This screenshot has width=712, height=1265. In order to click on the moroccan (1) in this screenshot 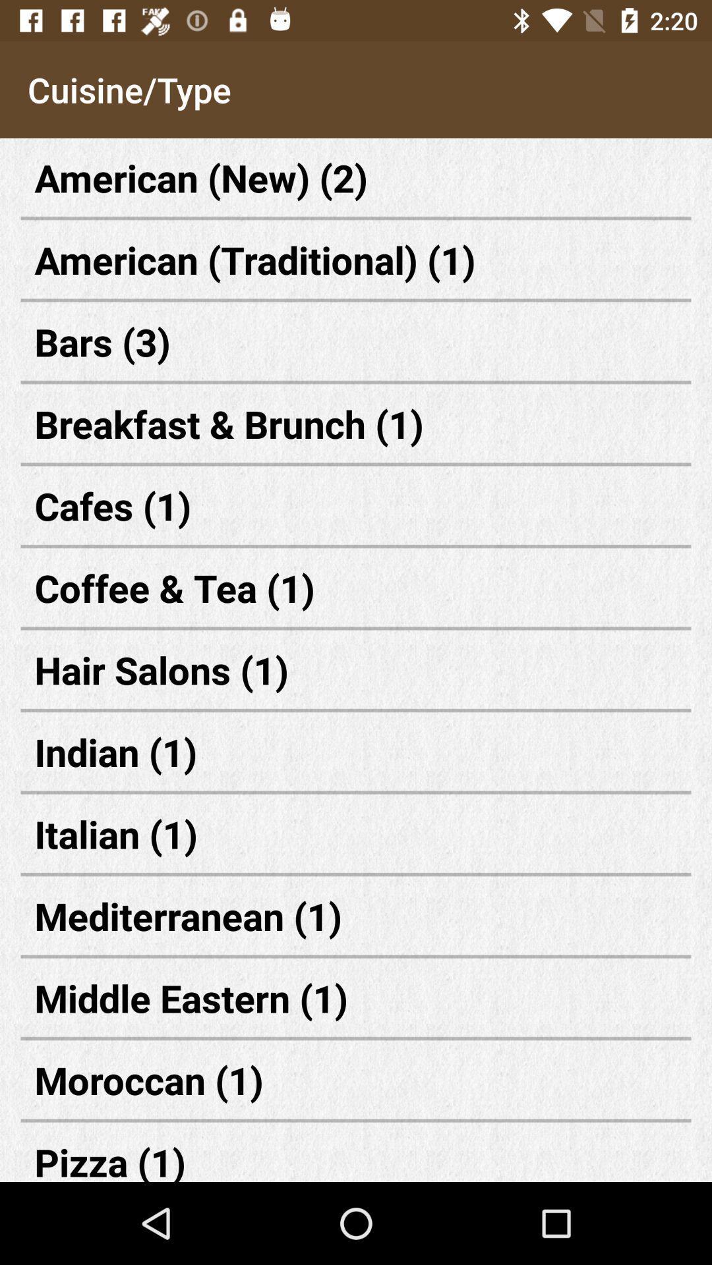, I will do `click(356, 1080)`.